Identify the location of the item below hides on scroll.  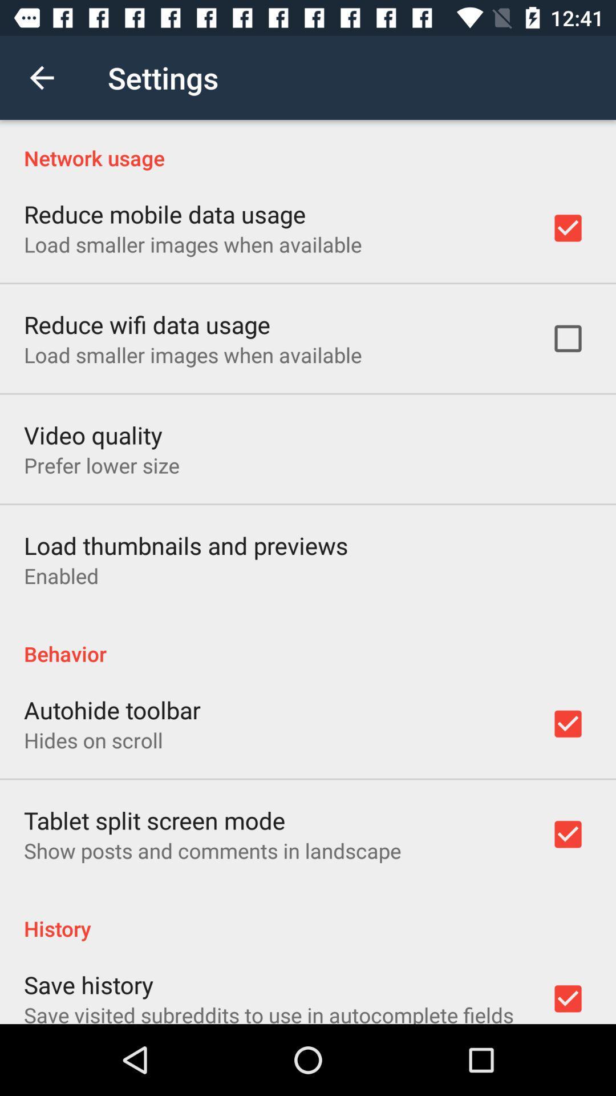
(155, 819).